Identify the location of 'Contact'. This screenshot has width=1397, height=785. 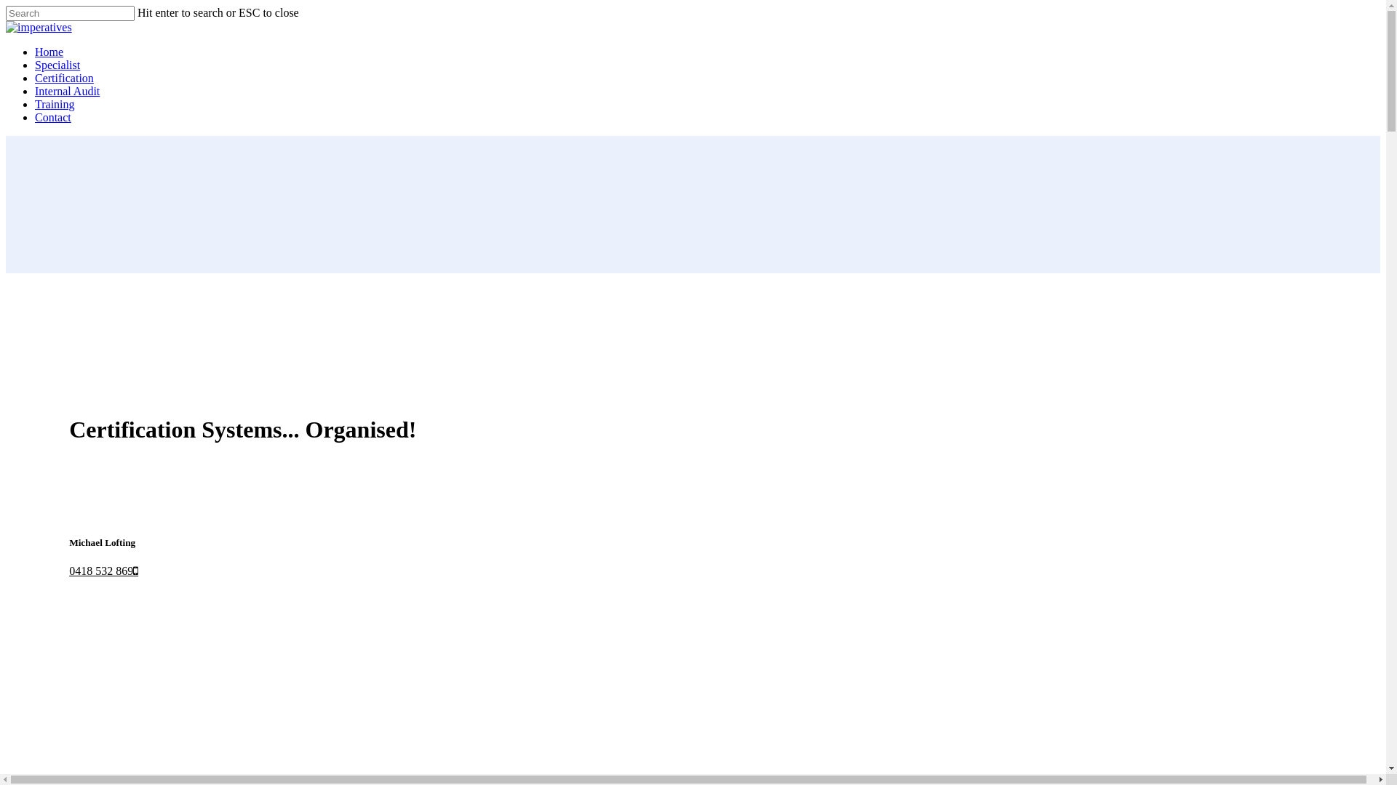
(52, 116).